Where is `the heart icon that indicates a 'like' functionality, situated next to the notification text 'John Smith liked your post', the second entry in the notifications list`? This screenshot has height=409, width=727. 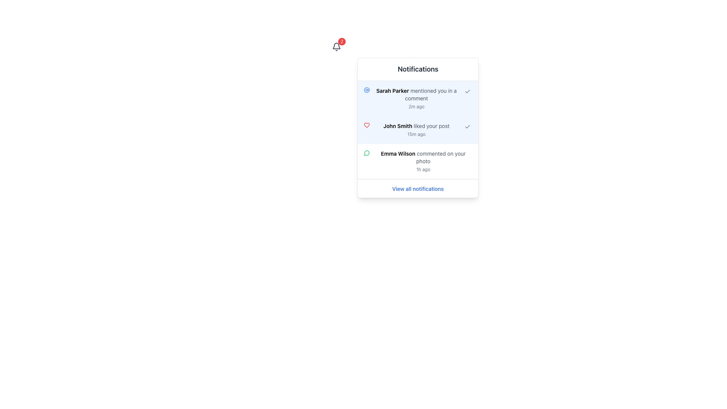 the heart icon that indicates a 'like' functionality, situated next to the notification text 'John Smith liked your post', the second entry in the notifications list is located at coordinates (367, 125).